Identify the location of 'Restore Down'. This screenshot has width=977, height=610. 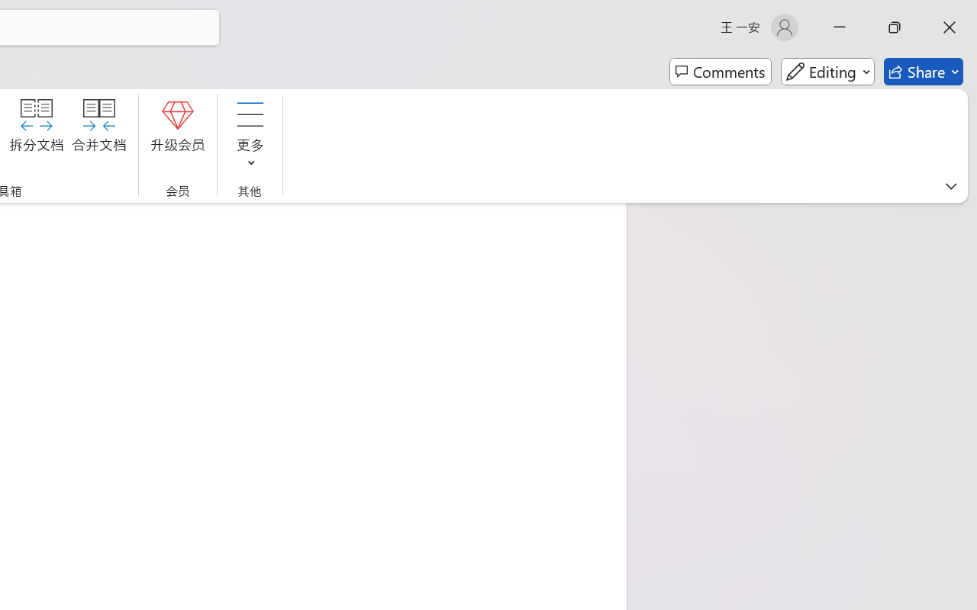
(895, 27).